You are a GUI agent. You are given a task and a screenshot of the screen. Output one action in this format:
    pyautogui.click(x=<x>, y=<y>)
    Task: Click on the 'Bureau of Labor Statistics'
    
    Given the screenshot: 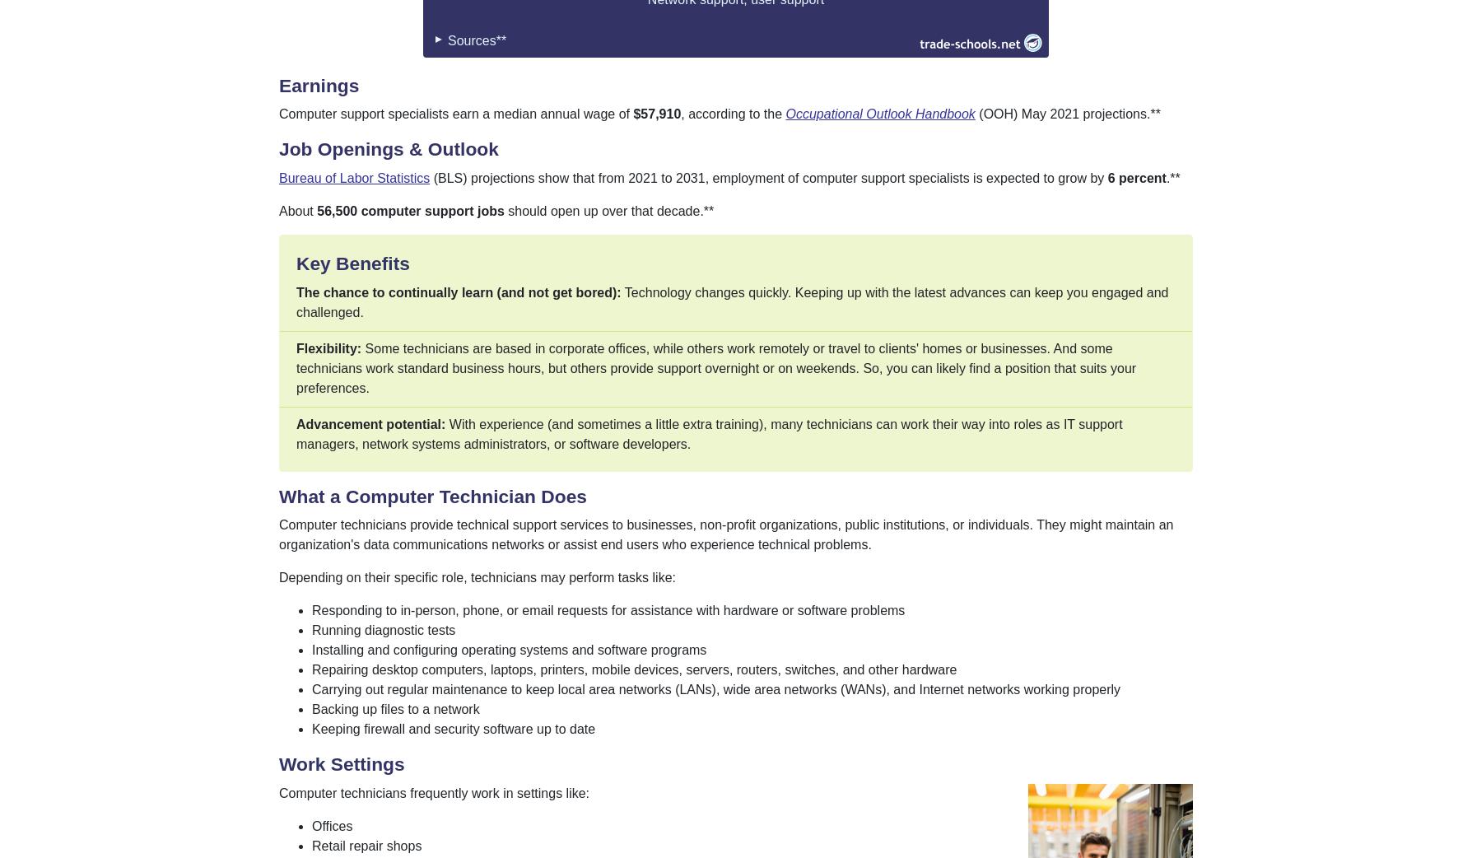 What is the action you would take?
    pyautogui.click(x=353, y=176)
    